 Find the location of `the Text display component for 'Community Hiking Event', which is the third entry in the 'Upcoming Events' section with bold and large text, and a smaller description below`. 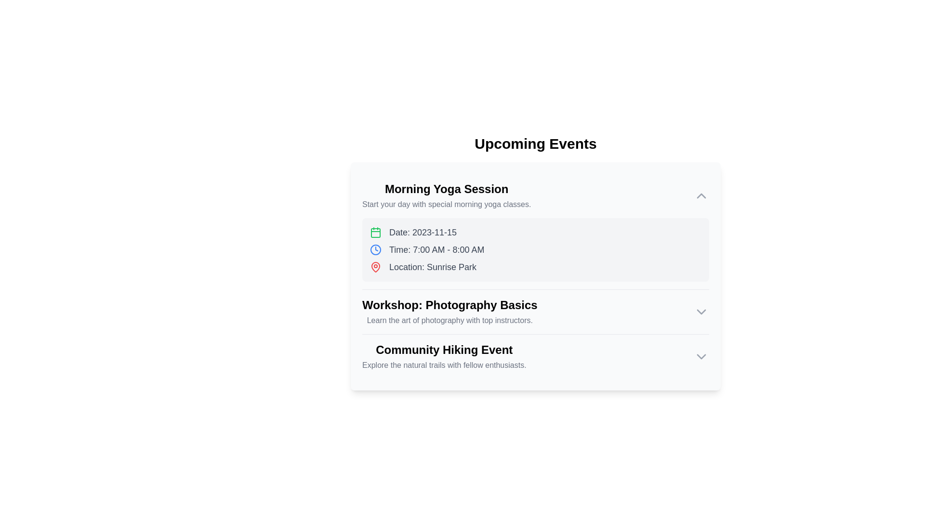

the Text display component for 'Community Hiking Event', which is the third entry in the 'Upcoming Events' section with bold and large text, and a smaller description below is located at coordinates (444, 356).